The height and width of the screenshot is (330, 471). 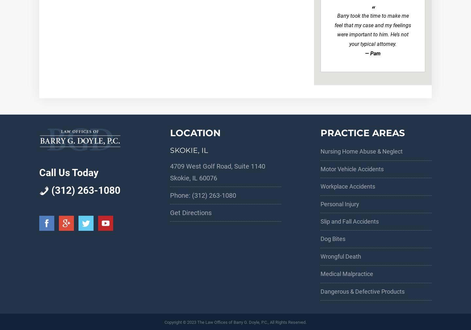 What do you see at coordinates (191, 178) in the screenshot?
I see `','` at bounding box center [191, 178].